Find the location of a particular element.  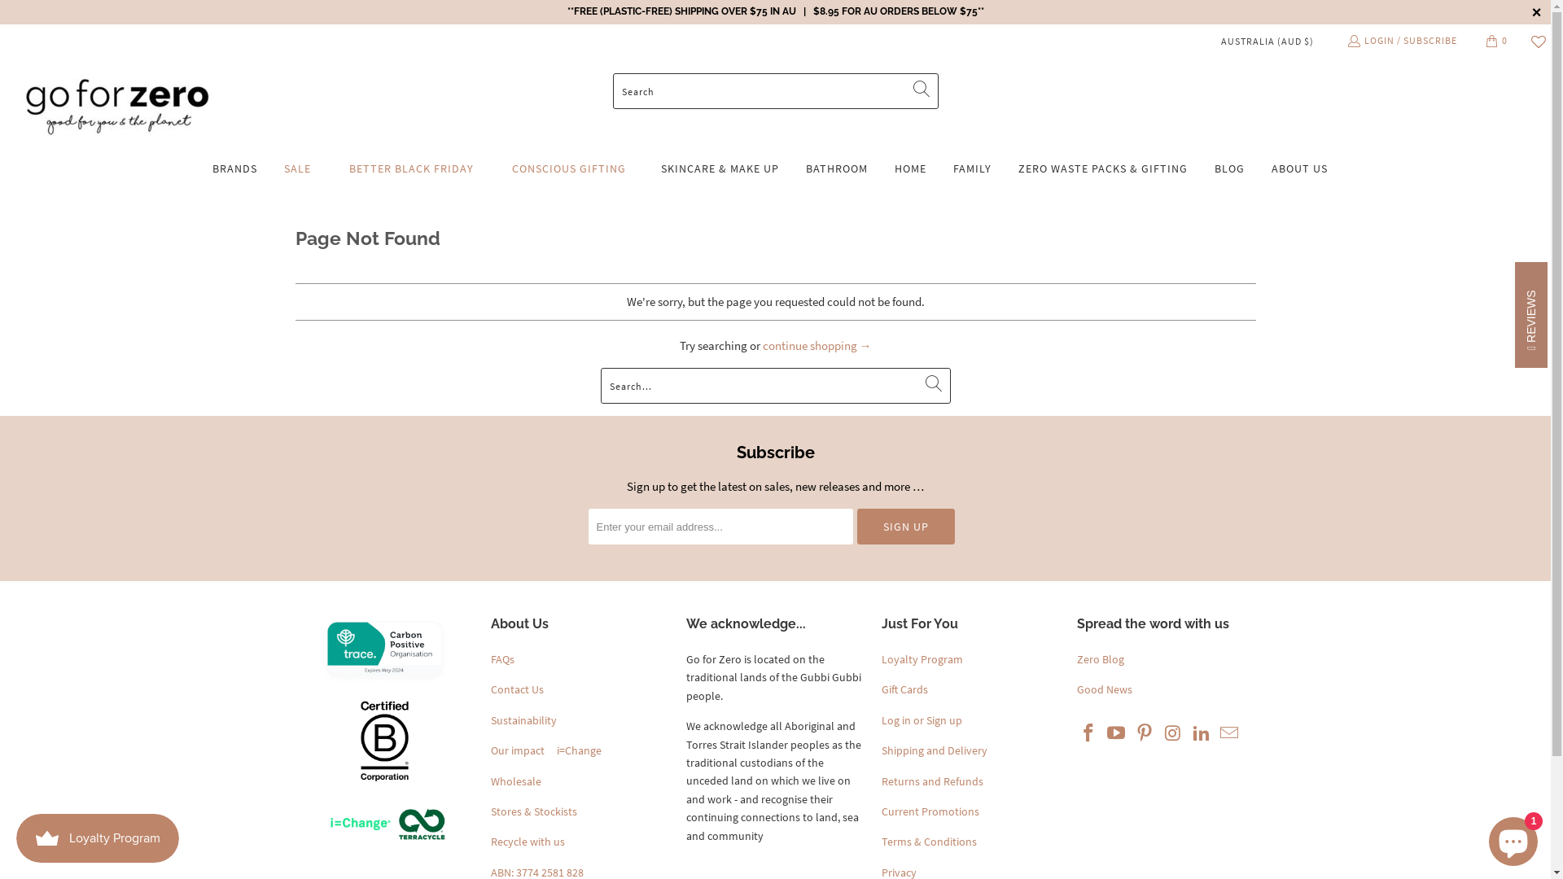

'Stores & Stockists' is located at coordinates (488, 811).